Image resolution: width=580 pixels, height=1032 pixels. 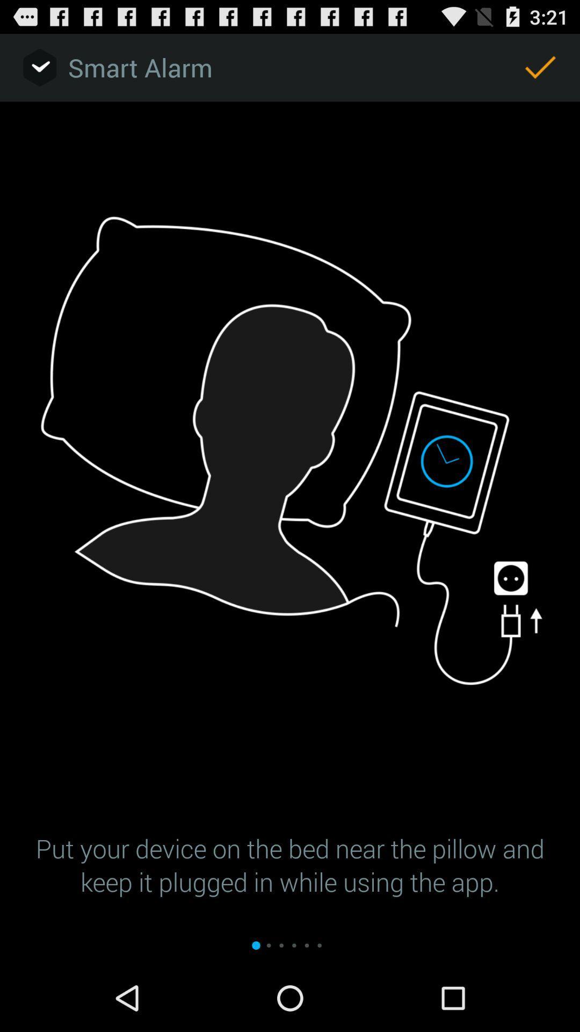 I want to click on icon at the top right corner, so click(x=540, y=67).